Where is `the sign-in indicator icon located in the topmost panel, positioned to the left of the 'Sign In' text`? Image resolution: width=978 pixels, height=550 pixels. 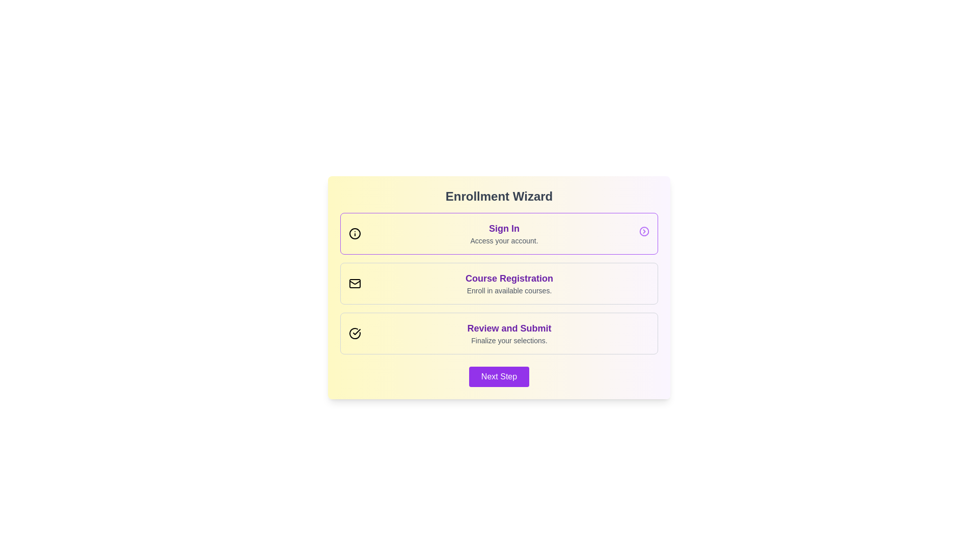
the sign-in indicator icon located in the topmost panel, positioned to the left of the 'Sign In' text is located at coordinates (355, 234).